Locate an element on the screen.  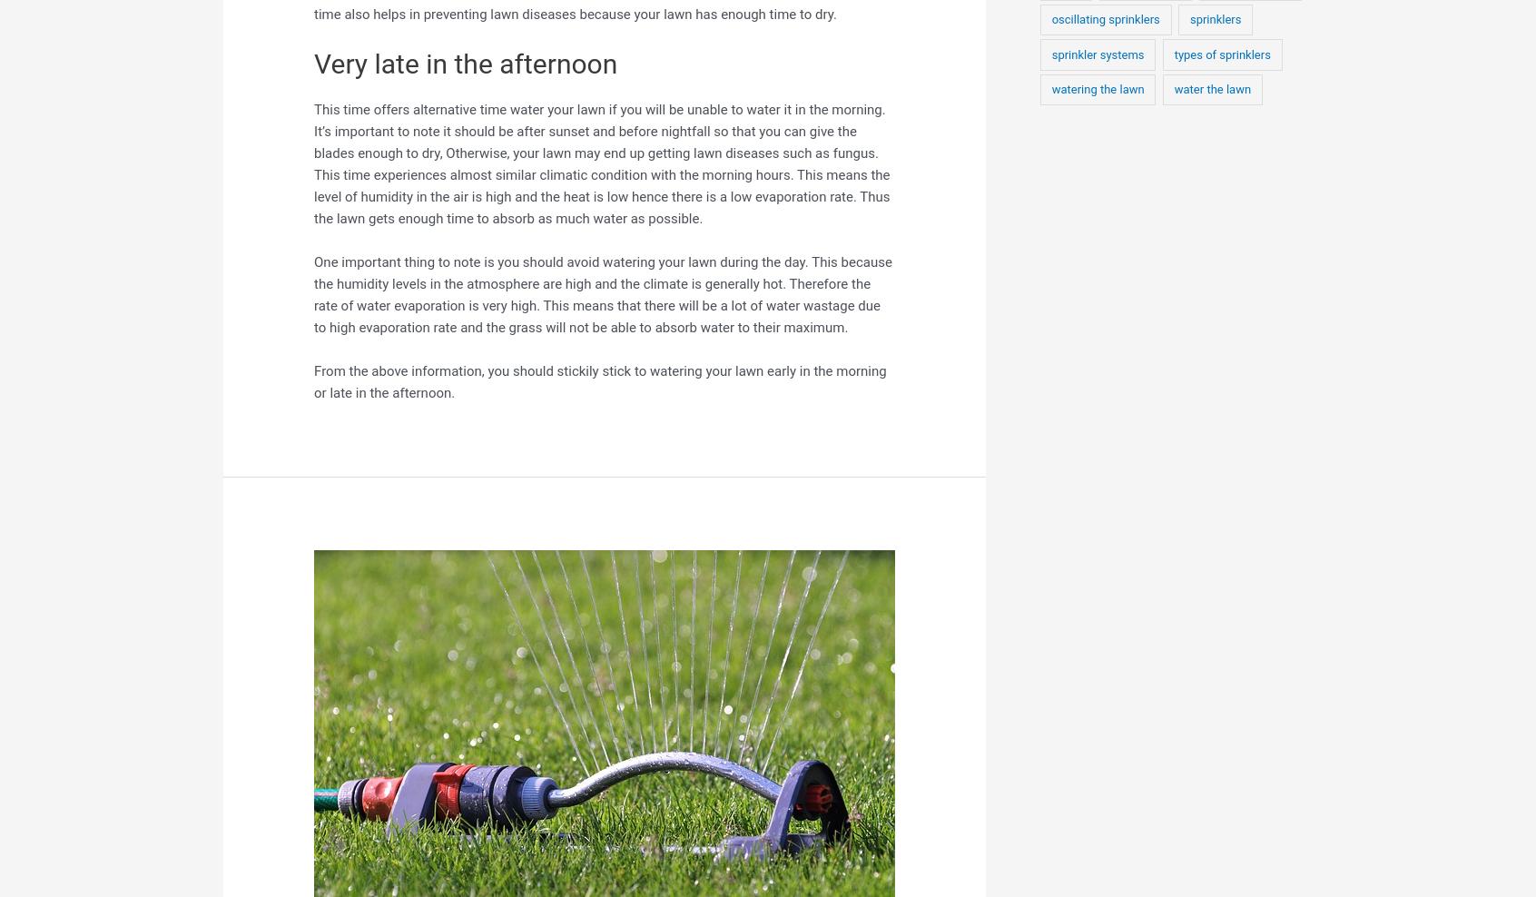
'water the lawn' is located at coordinates (1211, 89).